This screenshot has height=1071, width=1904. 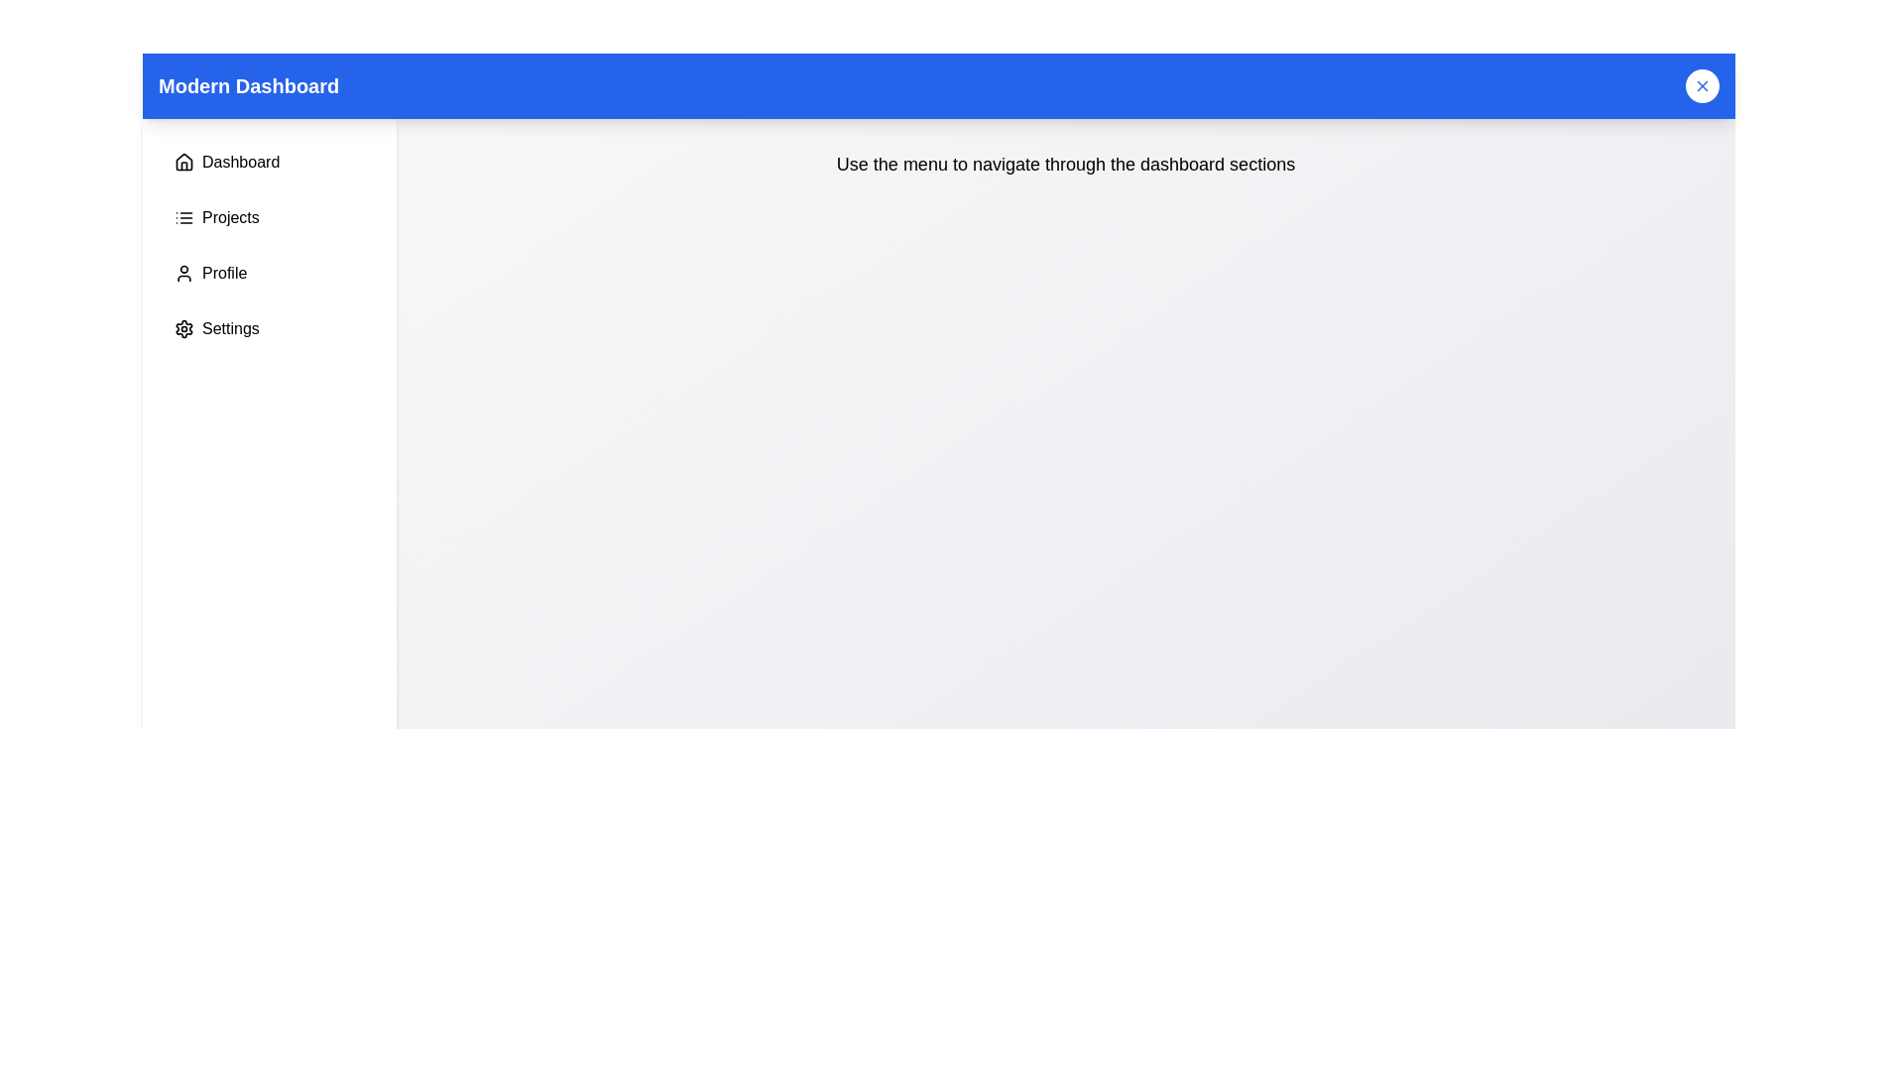 What do you see at coordinates (1702, 85) in the screenshot?
I see `the 'X' icon contained within the circular button in the top-right corner of the interface` at bounding box center [1702, 85].